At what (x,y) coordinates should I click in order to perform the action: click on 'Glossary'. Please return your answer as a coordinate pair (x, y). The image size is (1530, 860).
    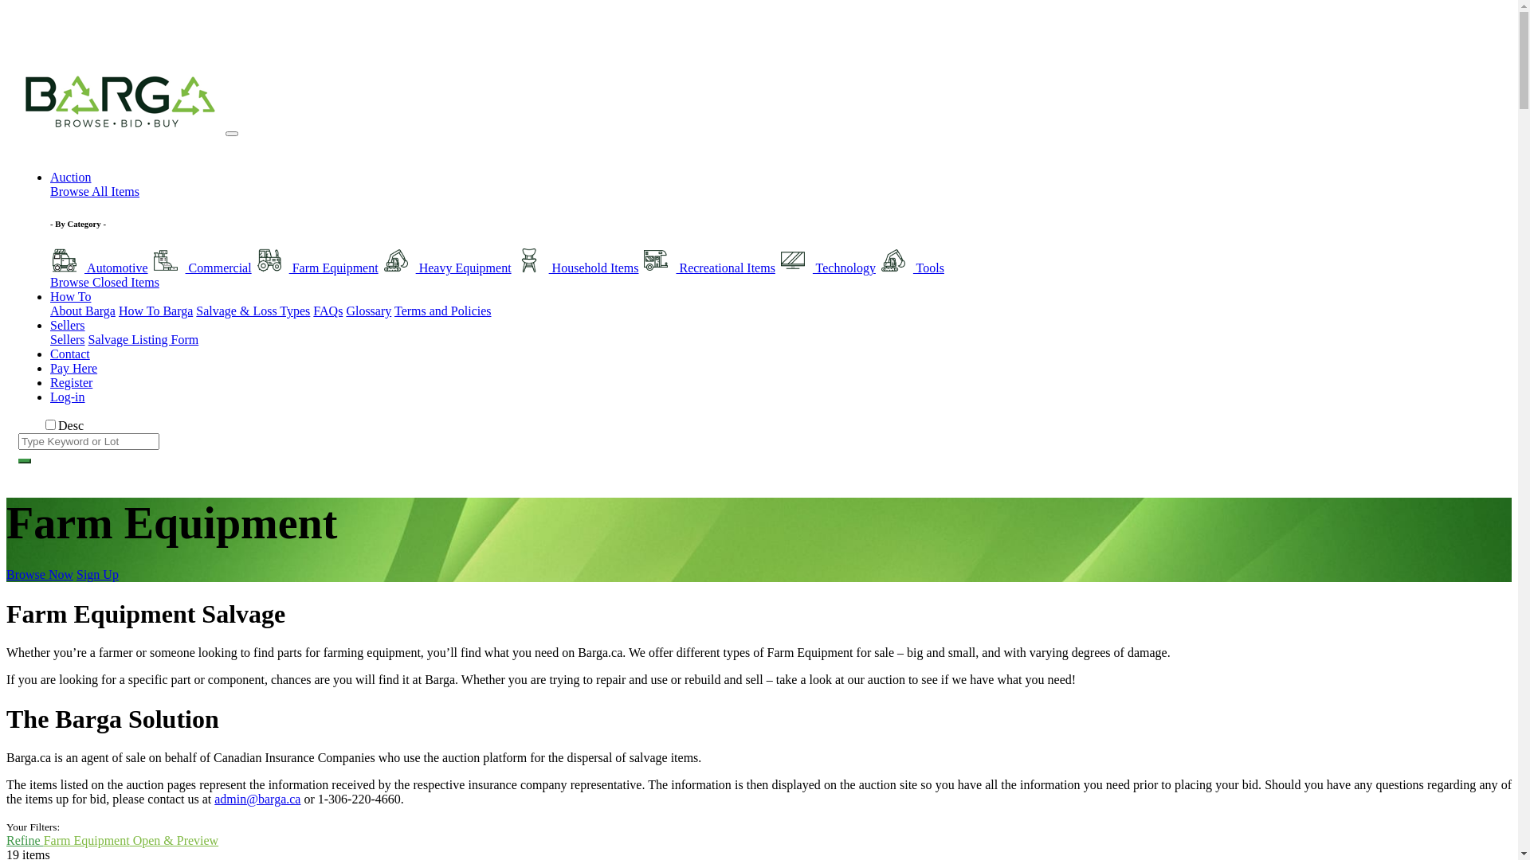
    Looking at the image, I should click on (367, 311).